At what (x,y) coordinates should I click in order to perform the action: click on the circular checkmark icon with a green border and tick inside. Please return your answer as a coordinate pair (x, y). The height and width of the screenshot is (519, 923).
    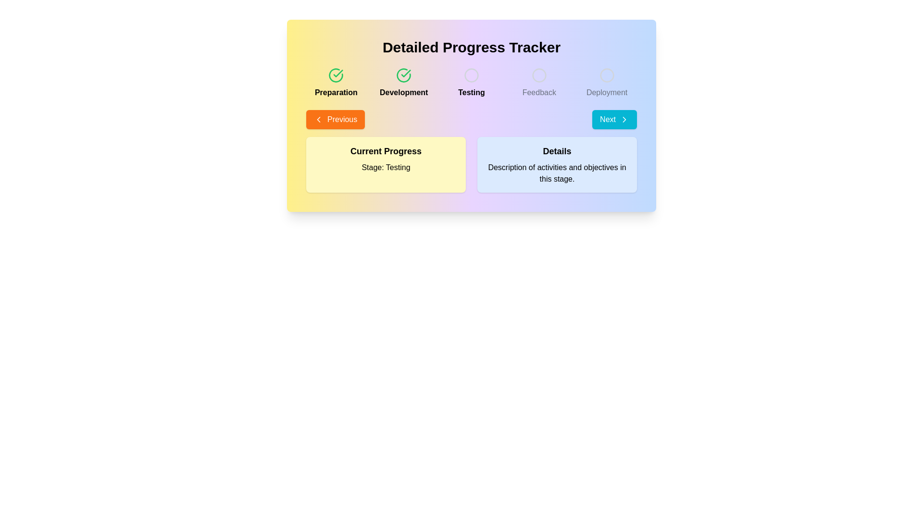
    Looking at the image, I should click on (404, 75).